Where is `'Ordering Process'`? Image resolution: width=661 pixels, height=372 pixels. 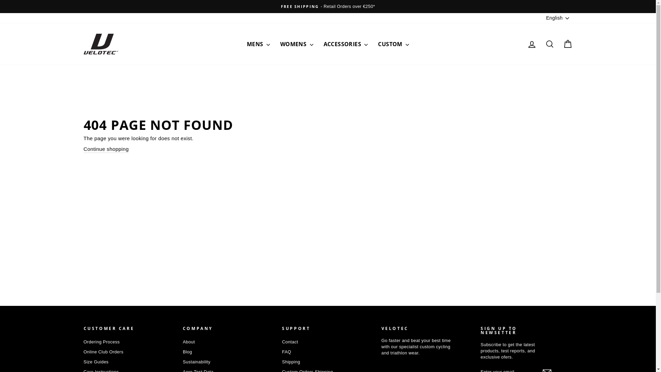 'Ordering Process' is located at coordinates (83, 342).